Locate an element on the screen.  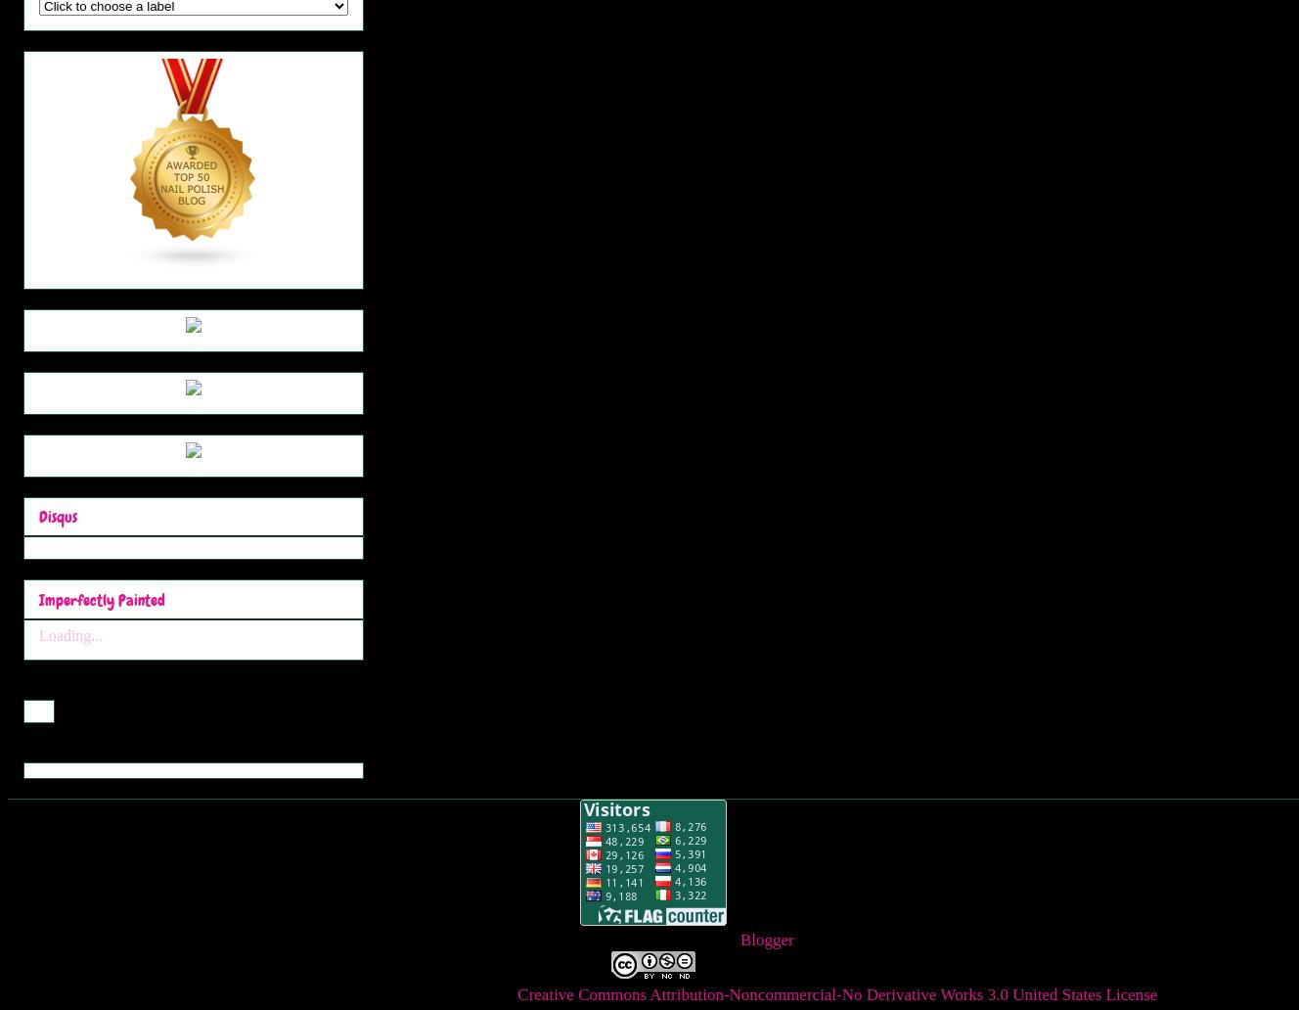
'Loading...' is located at coordinates (37, 633).